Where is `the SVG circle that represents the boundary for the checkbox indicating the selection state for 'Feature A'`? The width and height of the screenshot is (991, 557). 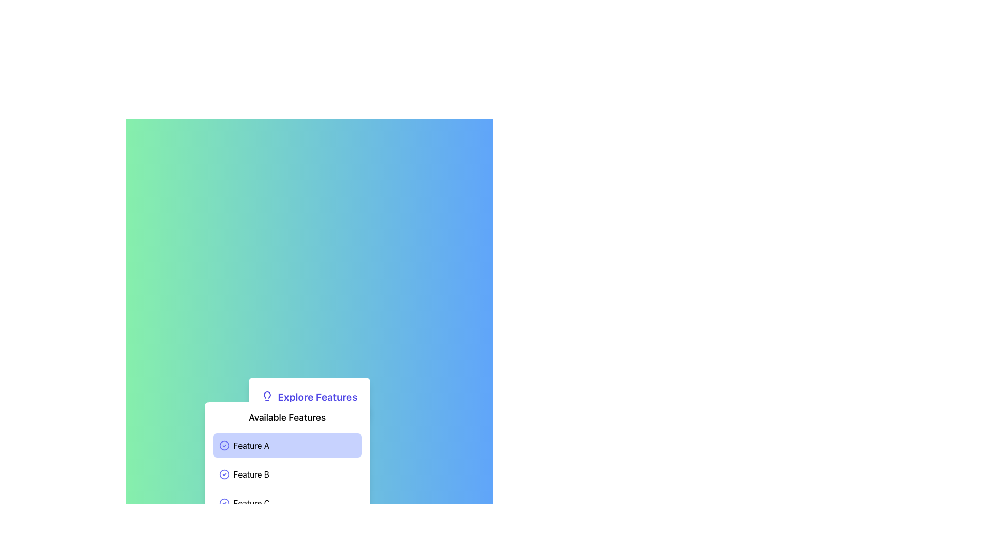
the SVG circle that represents the boundary for the checkbox indicating the selection state for 'Feature A' is located at coordinates (223, 445).